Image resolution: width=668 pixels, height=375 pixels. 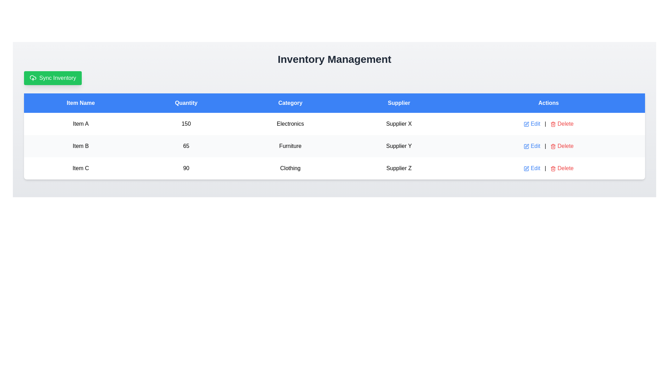 What do you see at coordinates (553, 169) in the screenshot?
I see `the delete button represented by a trash can icon located in the 'Actions' column for 'Item B'` at bounding box center [553, 169].